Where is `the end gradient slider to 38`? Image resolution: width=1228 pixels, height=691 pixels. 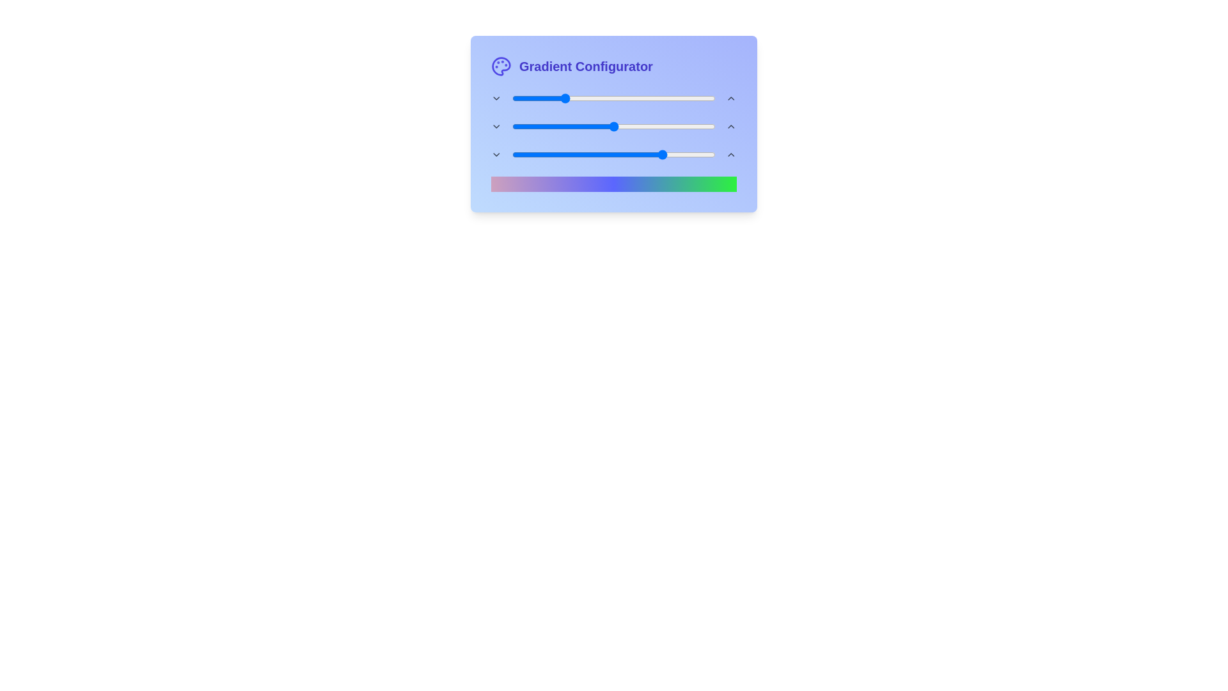
the end gradient slider to 38 is located at coordinates (588, 154).